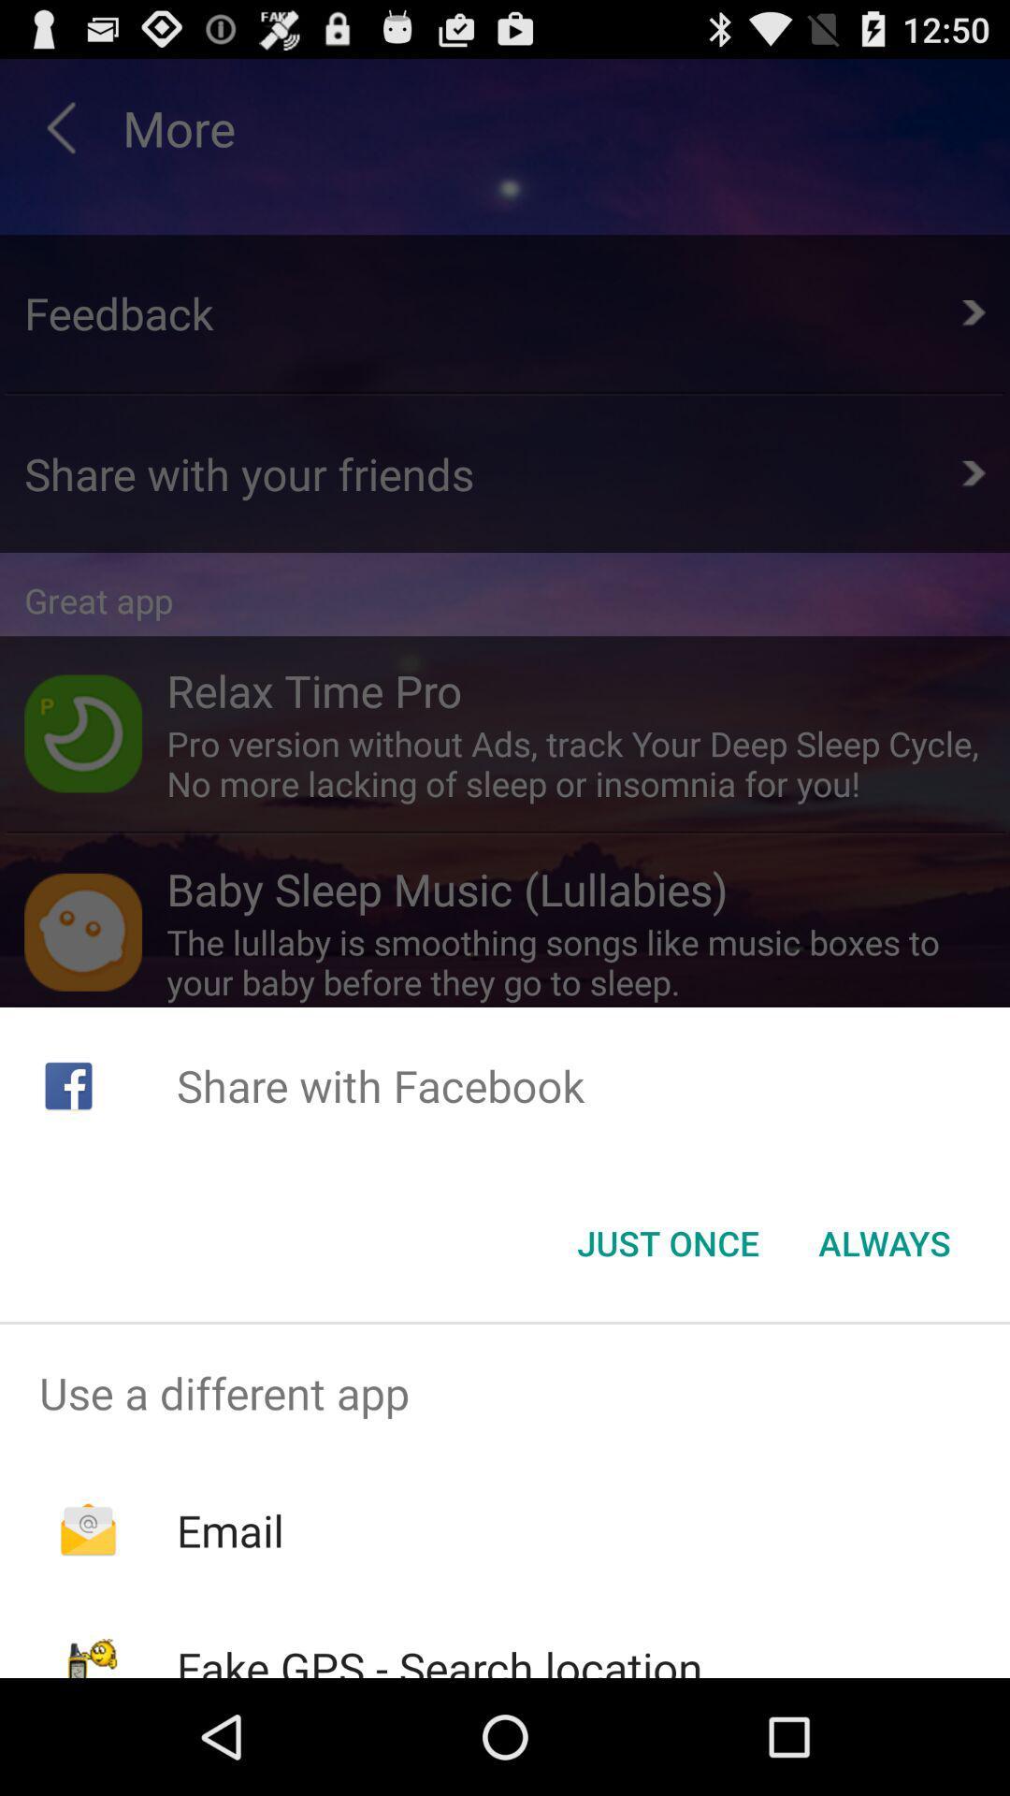  What do you see at coordinates (505, 1393) in the screenshot?
I see `use a different item` at bounding box center [505, 1393].